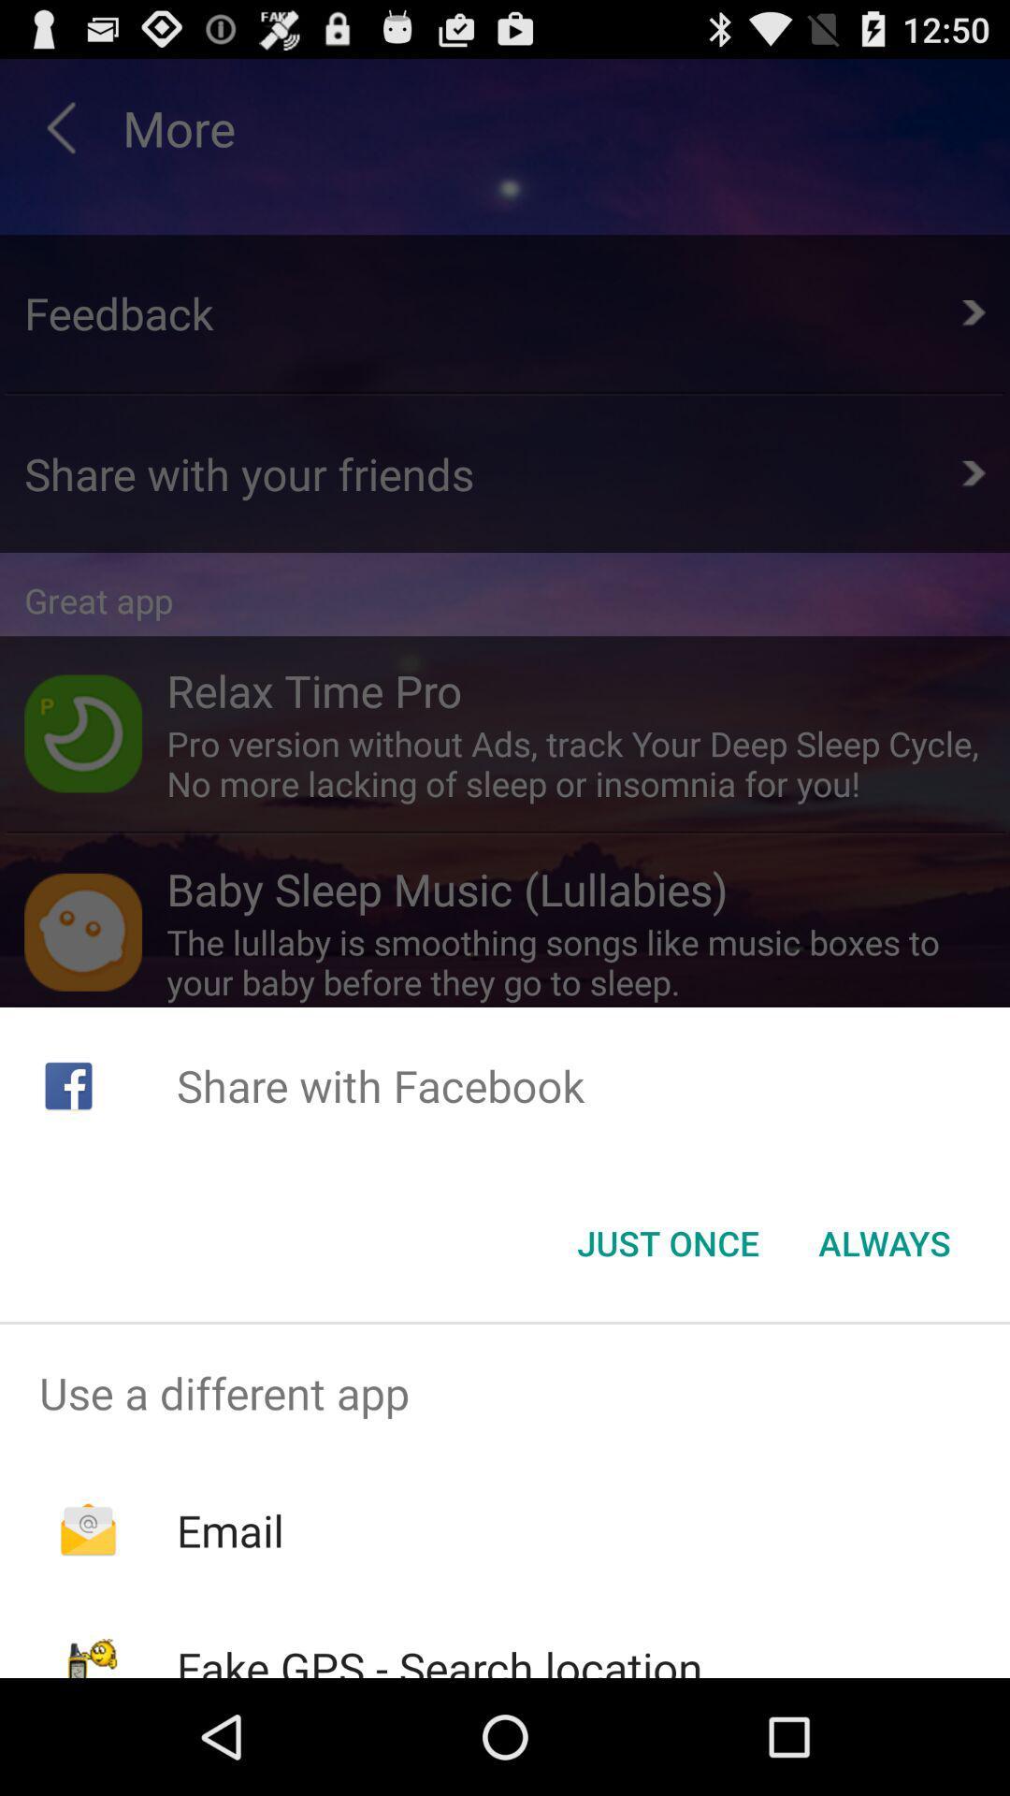  What do you see at coordinates (505, 1393) in the screenshot?
I see `use a different item` at bounding box center [505, 1393].